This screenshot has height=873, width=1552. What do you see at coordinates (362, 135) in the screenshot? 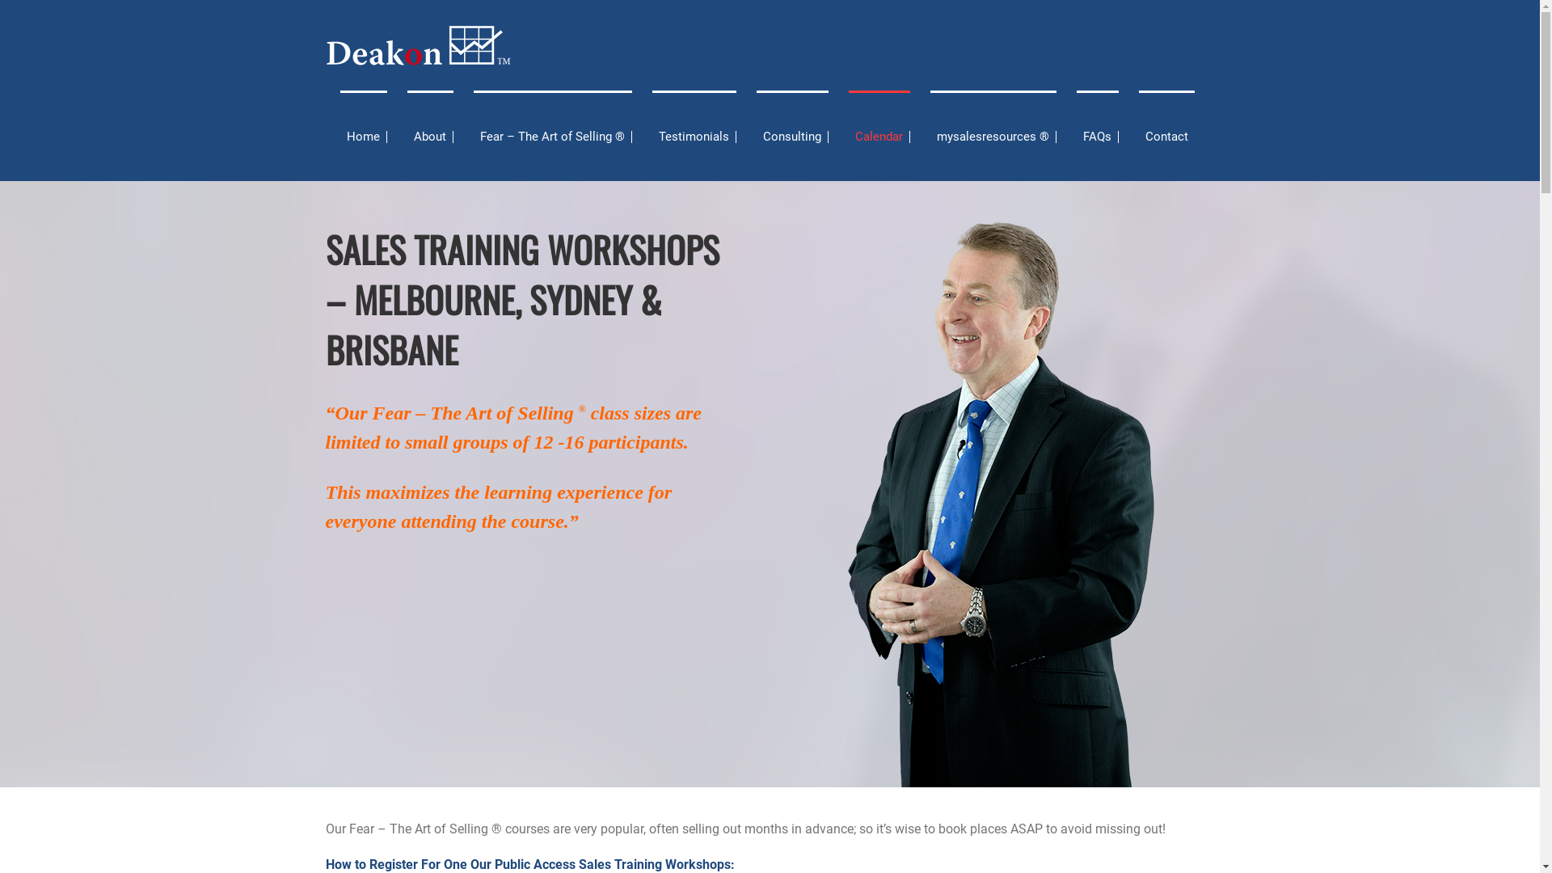
I see `'Home'` at bounding box center [362, 135].